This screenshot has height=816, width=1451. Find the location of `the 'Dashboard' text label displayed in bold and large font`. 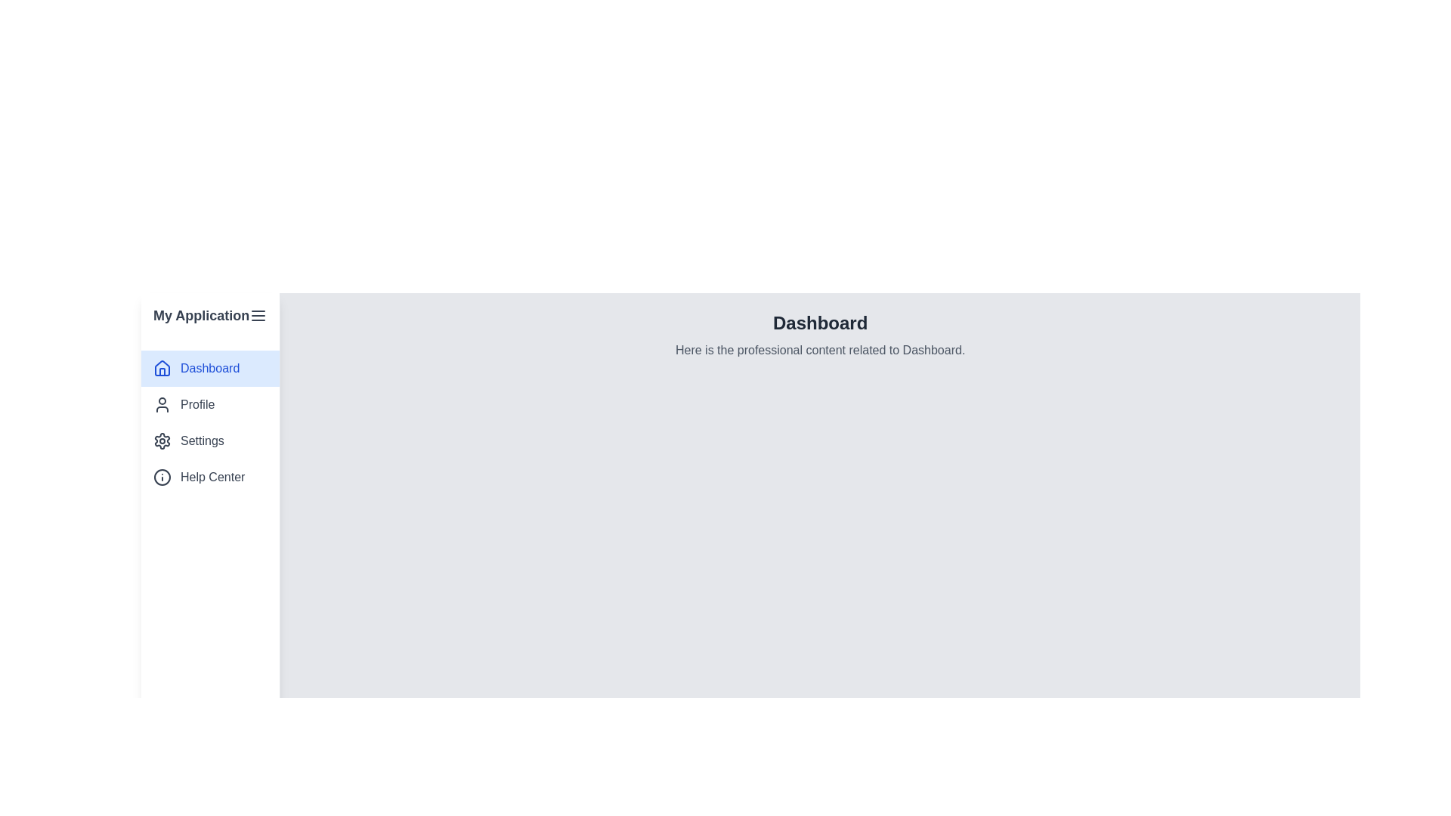

the 'Dashboard' text label displayed in bold and large font is located at coordinates (819, 323).